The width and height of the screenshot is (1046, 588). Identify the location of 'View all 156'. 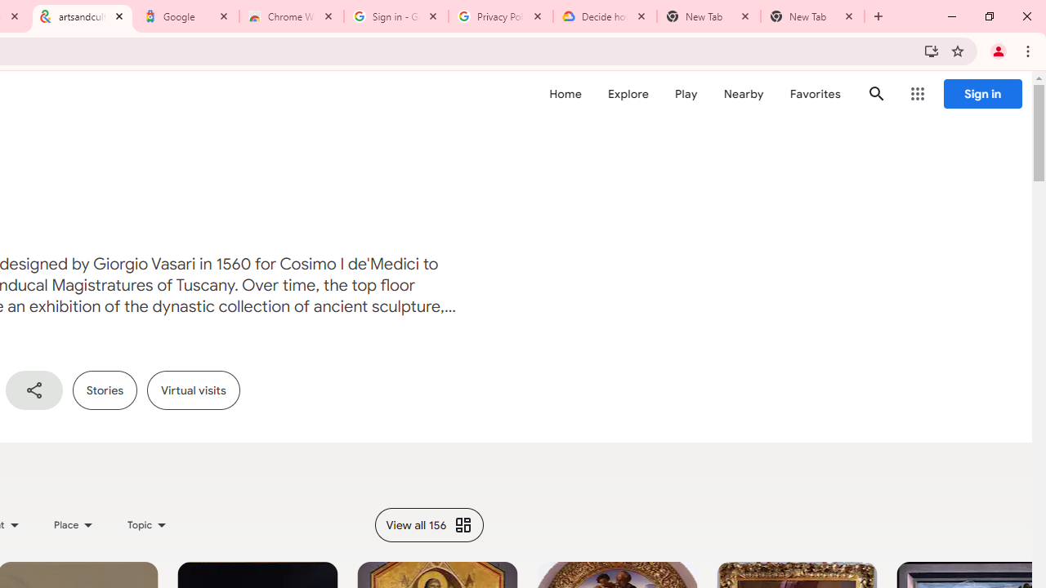
(429, 524).